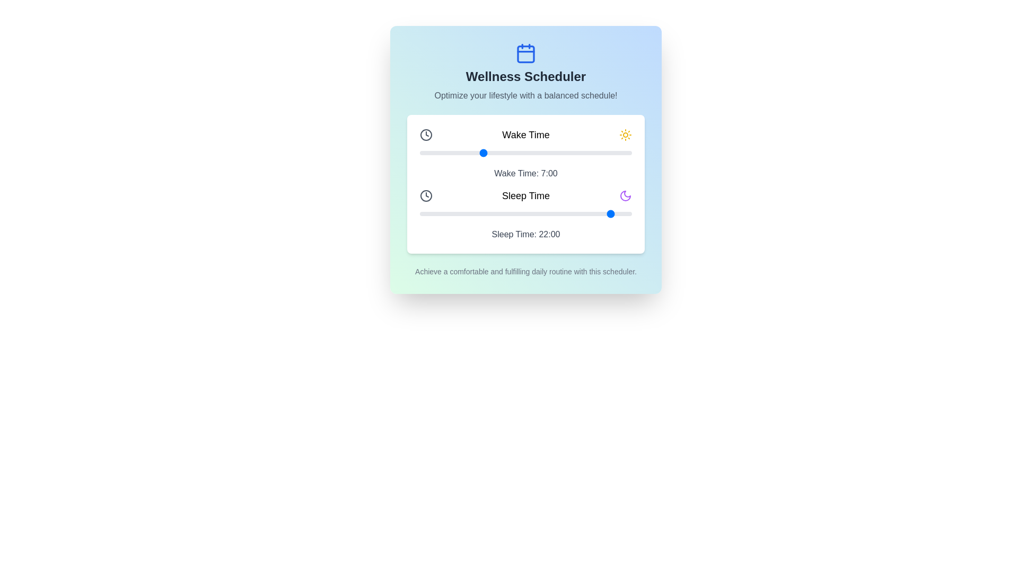 This screenshot has height=572, width=1018. Describe the element at coordinates (551, 153) in the screenshot. I see `the wake time` at that location.